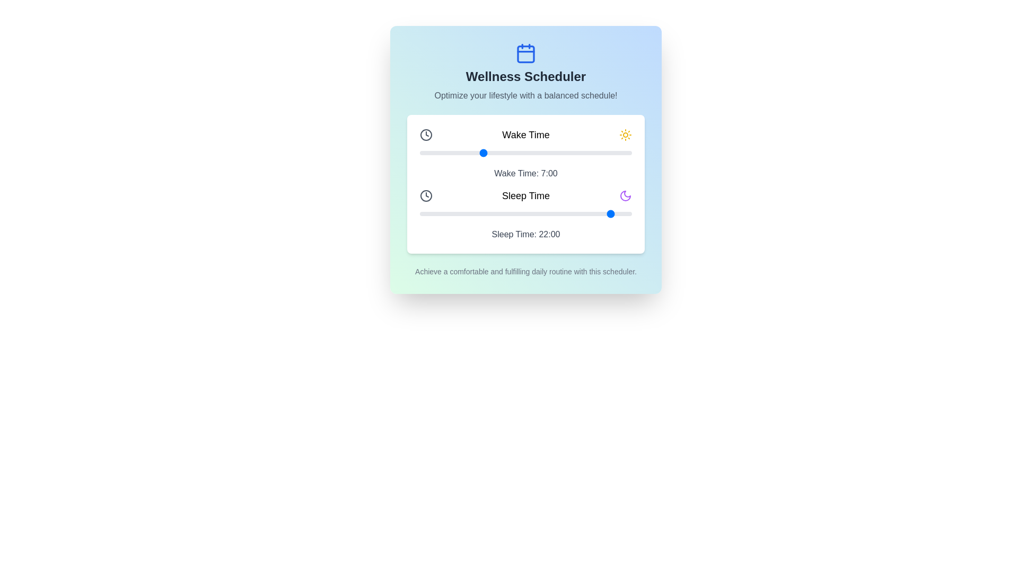 This screenshot has height=572, width=1018. Describe the element at coordinates (551, 153) in the screenshot. I see `the wake time` at that location.